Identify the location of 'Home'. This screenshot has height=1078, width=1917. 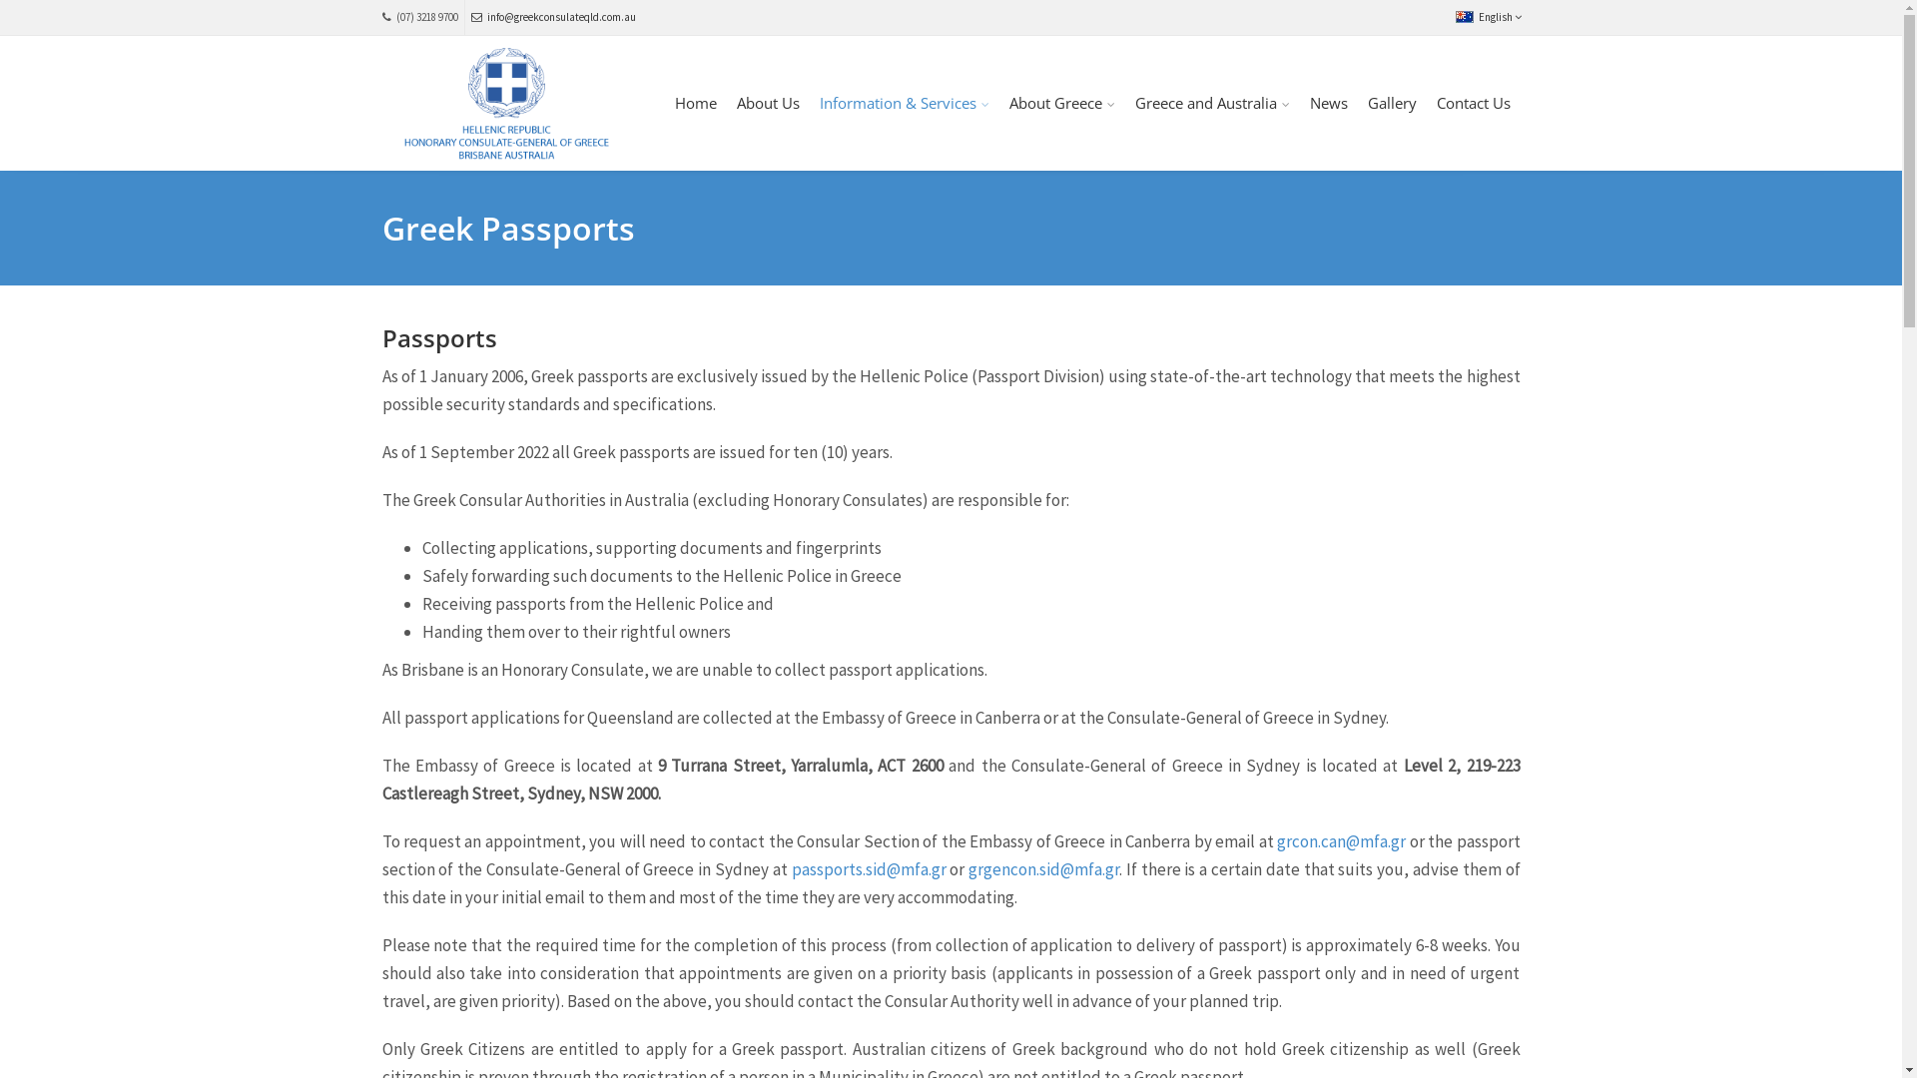
(695, 103).